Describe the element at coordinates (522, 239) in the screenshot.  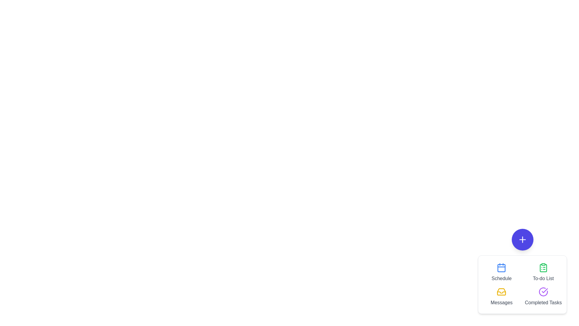
I see `the '+' button to toggle the speed dial menu` at that location.